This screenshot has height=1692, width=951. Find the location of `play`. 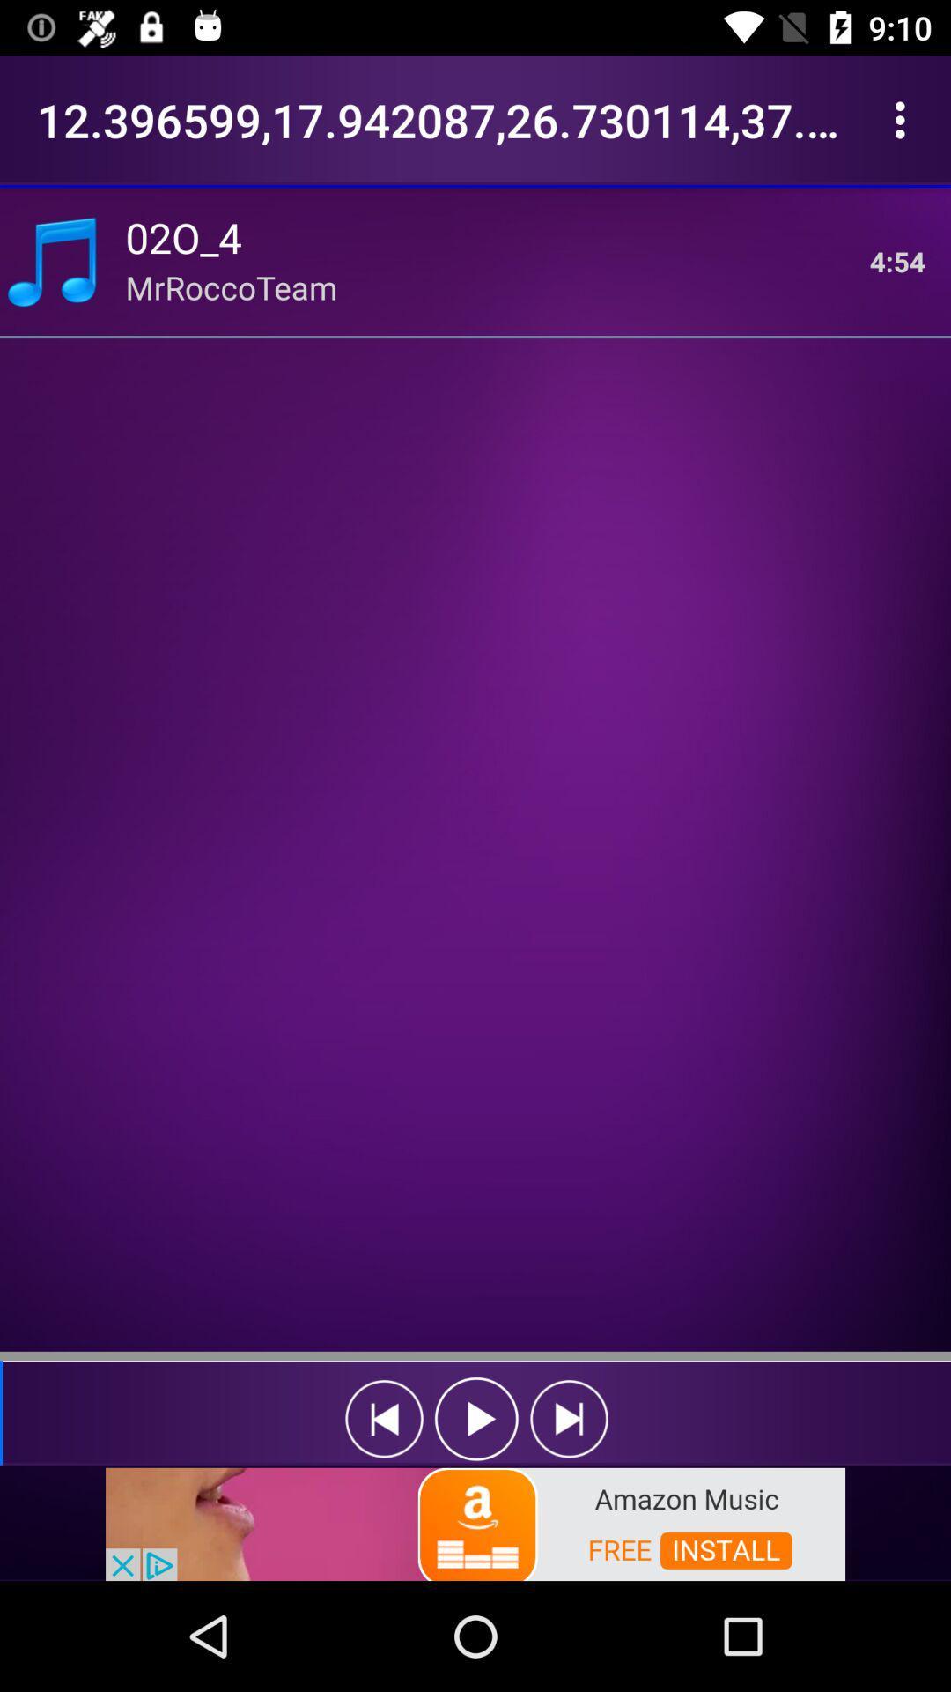

play is located at coordinates (476, 1419).